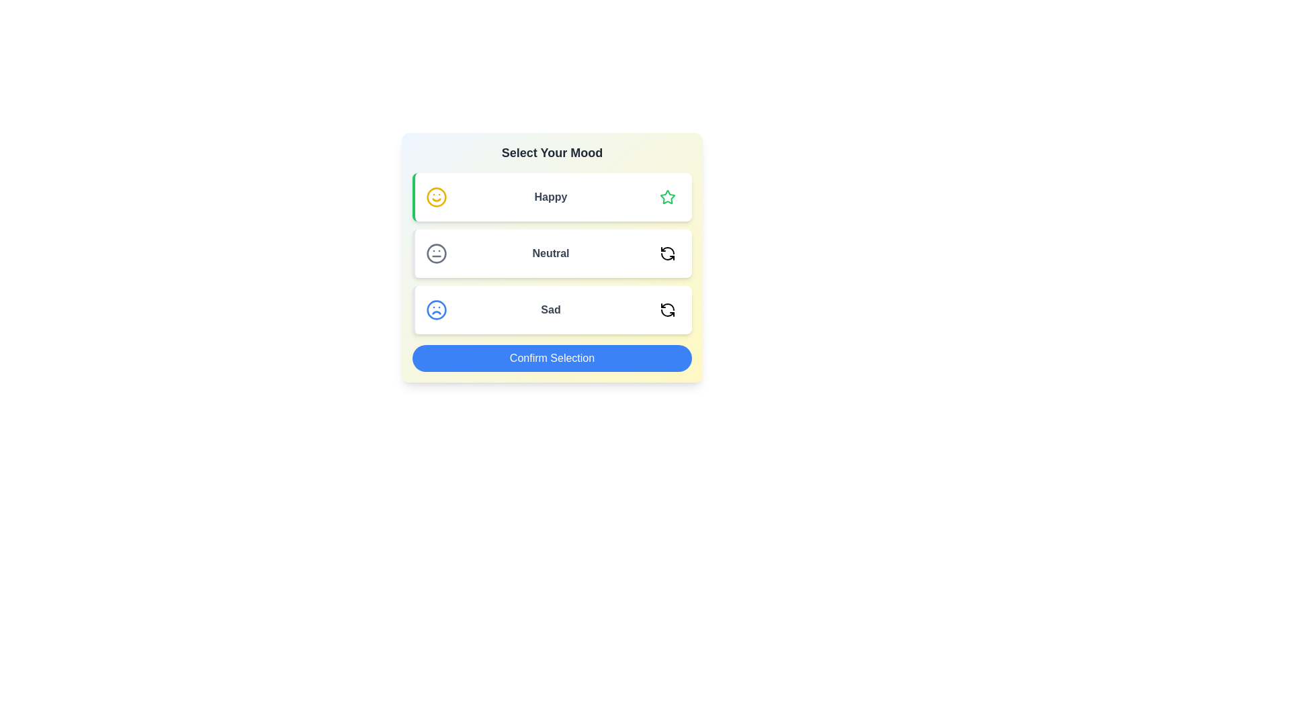  What do you see at coordinates (667, 197) in the screenshot?
I see `the emoji corresponding to Happy` at bounding box center [667, 197].